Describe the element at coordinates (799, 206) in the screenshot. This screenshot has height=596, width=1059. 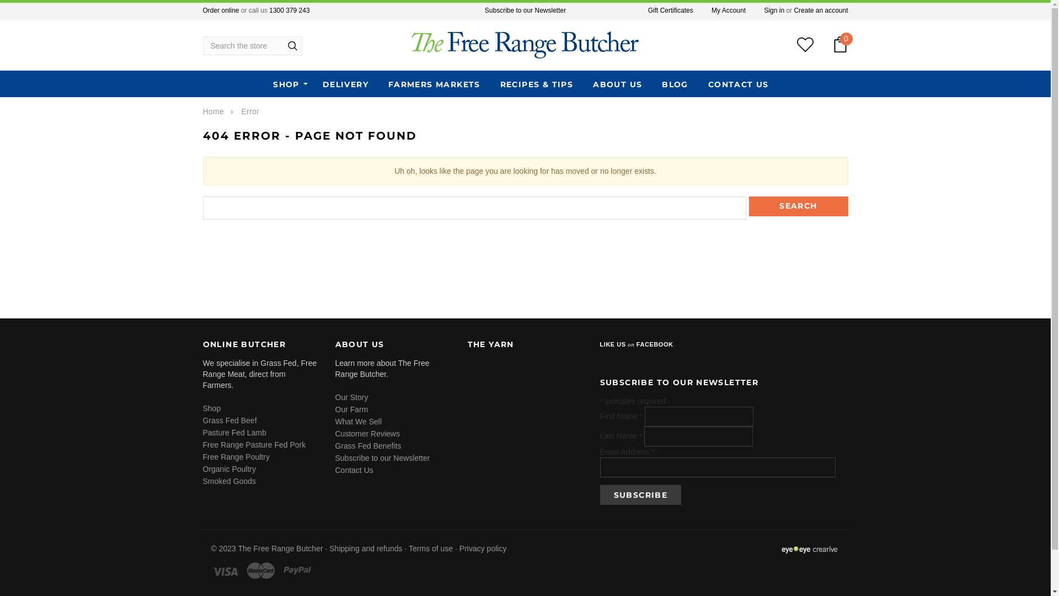
I see `'Search'` at that location.